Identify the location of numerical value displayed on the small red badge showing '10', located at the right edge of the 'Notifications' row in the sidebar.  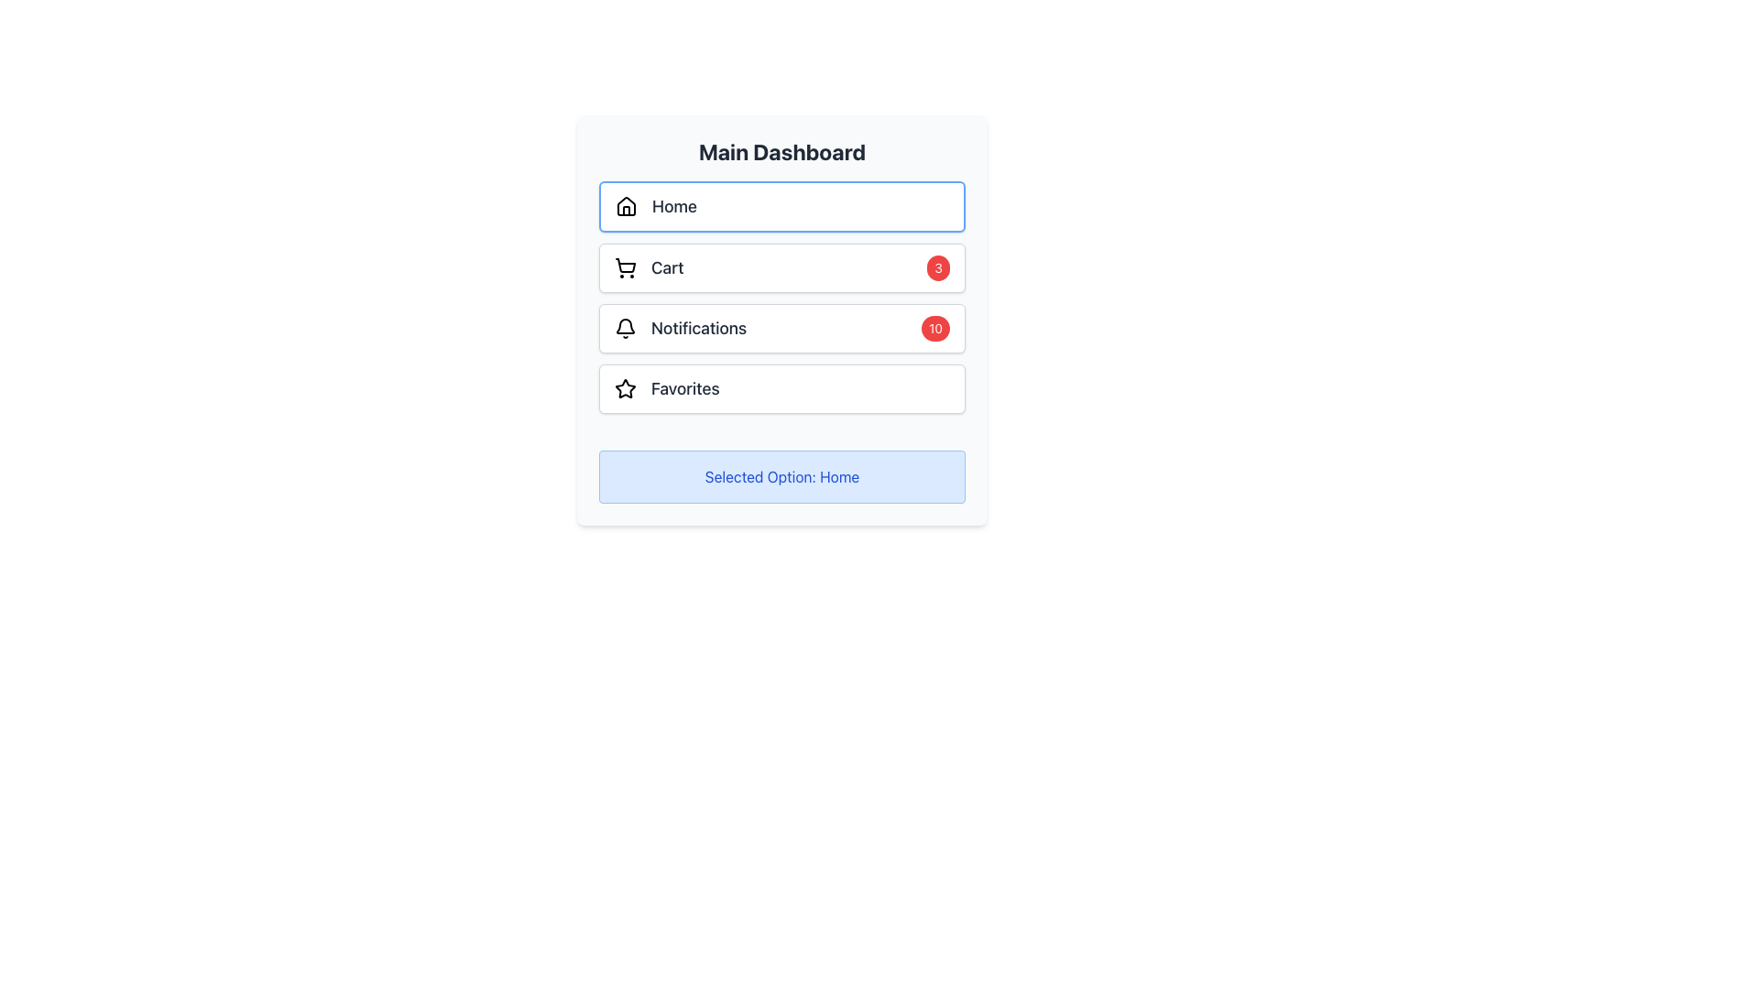
(935, 327).